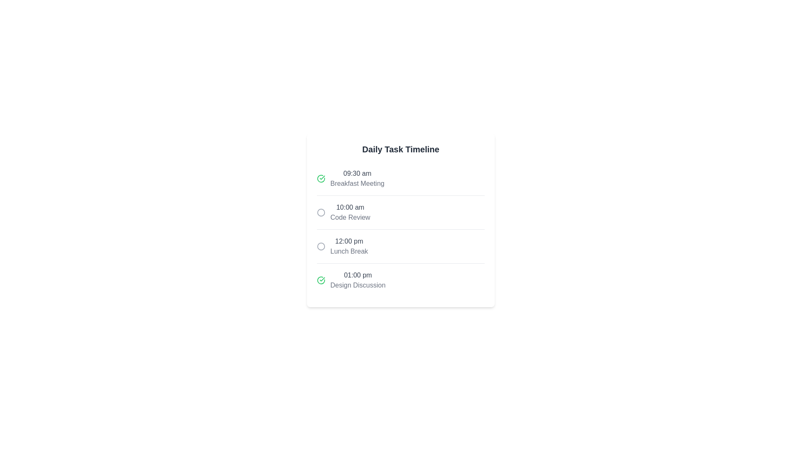 The image size is (805, 452). Describe the element at coordinates (349, 246) in the screenshot. I see `the Text Label displaying '12:00 pm' and 'Lunch Break', which is the third entry in the timeline list, positioned between '10:00 am Code Review' and '01:00 pm Design Discussion'` at that location.